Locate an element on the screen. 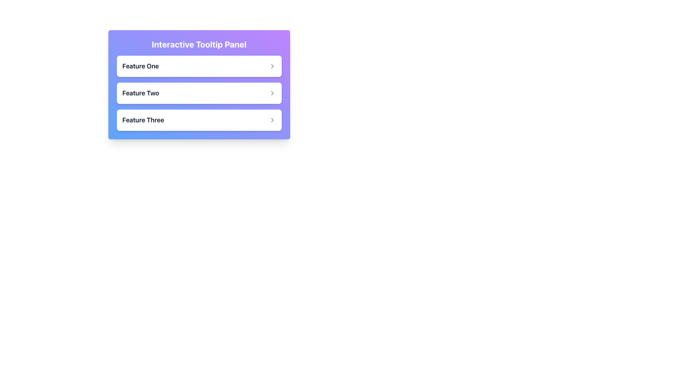 The width and height of the screenshot is (682, 383). the clickable list item labeled 'Feature One' is located at coordinates (199, 66).